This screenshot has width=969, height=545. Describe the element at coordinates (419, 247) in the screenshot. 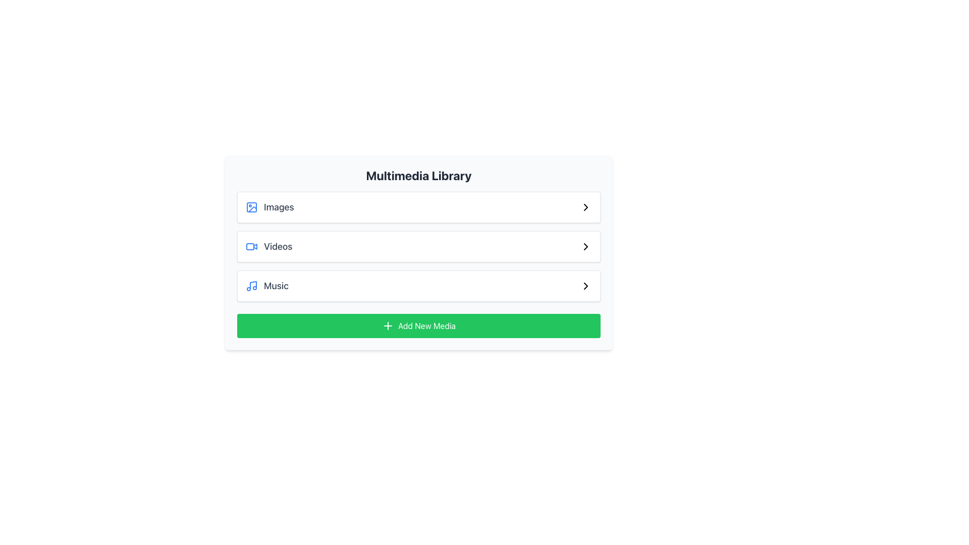

I see `the 'Videos' menu item` at that location.